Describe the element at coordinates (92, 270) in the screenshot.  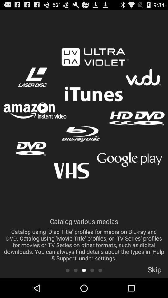
I see `icon below the catalog various medias icon` at that location.